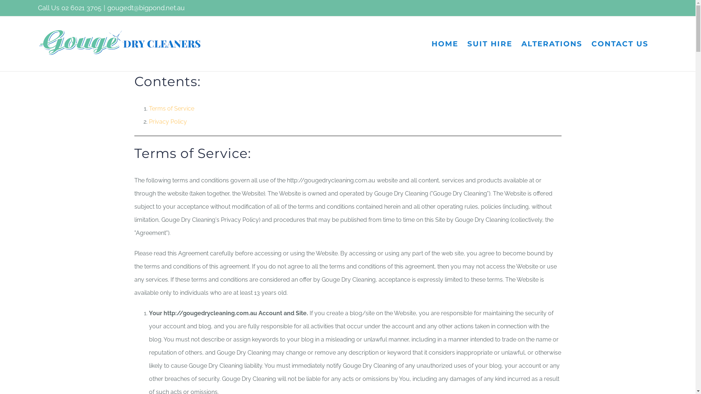  What do you see at coordinates (521, 43) in the screenshot?
I see `'ALTERATIONS'` at bounding box center [521, 43].